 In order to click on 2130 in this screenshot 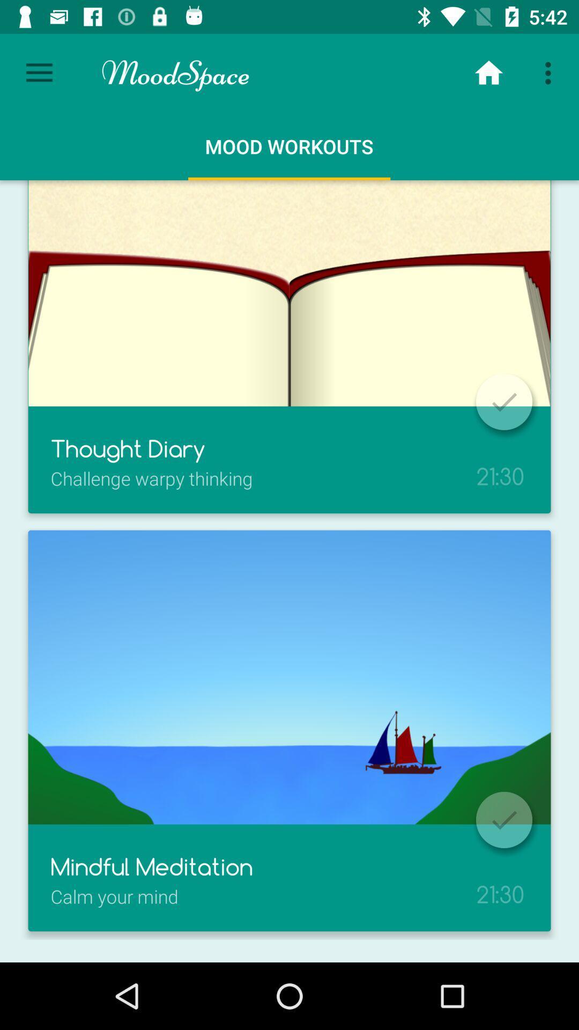, I will do `click(500, 880)`.